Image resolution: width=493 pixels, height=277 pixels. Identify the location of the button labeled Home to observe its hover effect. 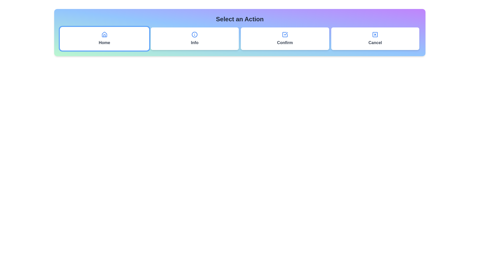
(104, 38).